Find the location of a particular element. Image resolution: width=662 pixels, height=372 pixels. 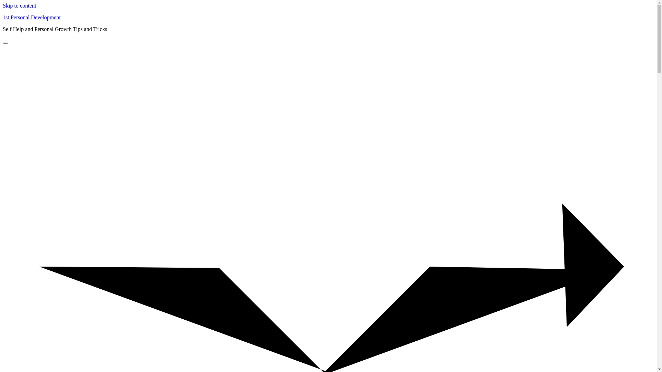

'Skip to content' is located at coordinates (19, 6).